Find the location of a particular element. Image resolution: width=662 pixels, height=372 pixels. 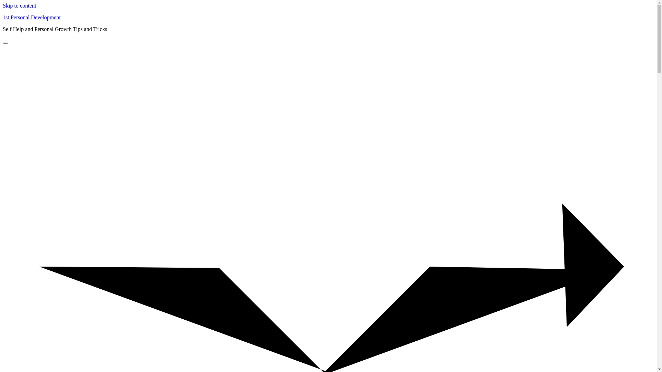

'Skip to content' is located at coordinates (19, 6).